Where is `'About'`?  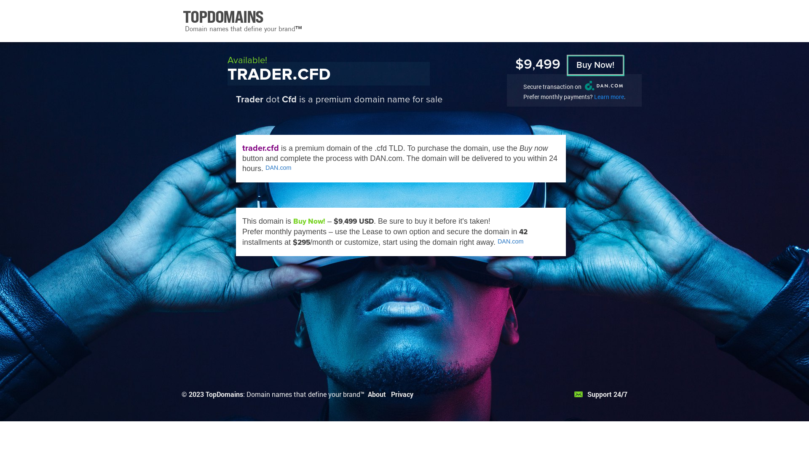
'About' is located at coordinates (376, 394).